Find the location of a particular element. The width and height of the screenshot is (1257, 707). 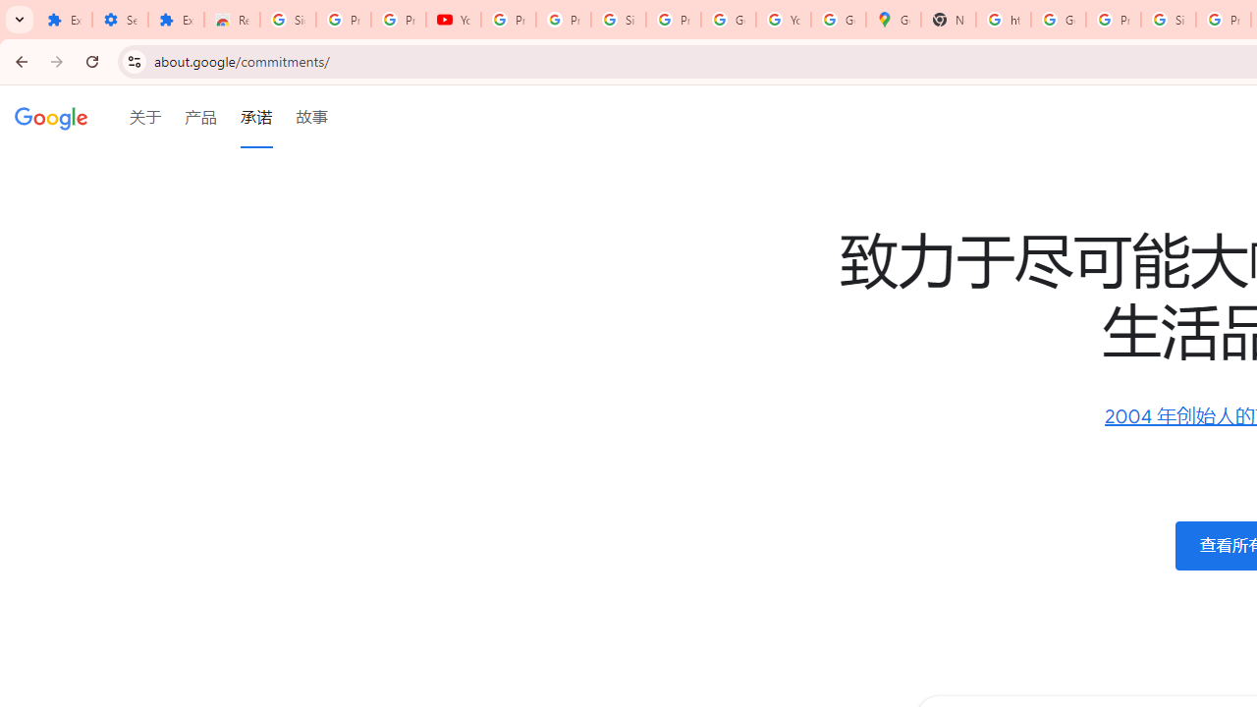

'Google Account' is located at coordinates (728, 20).